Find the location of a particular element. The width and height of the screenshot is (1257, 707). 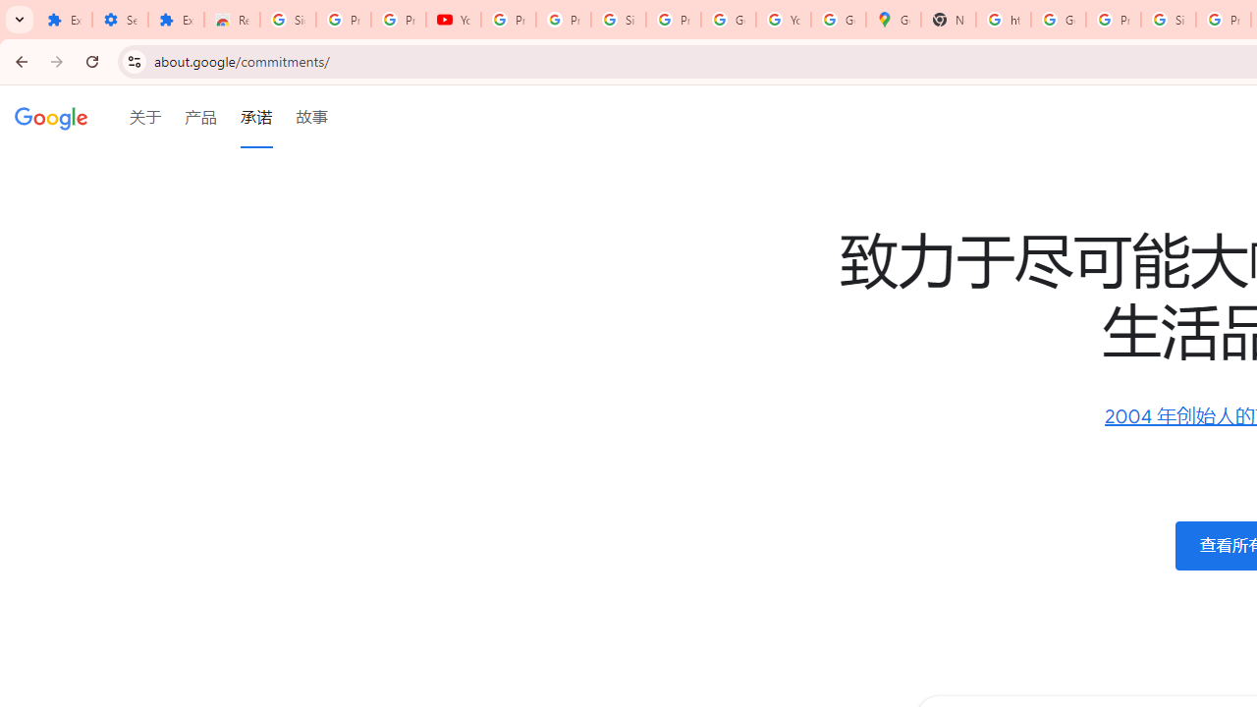

'Google Account' is located at coordinates (728, 20).